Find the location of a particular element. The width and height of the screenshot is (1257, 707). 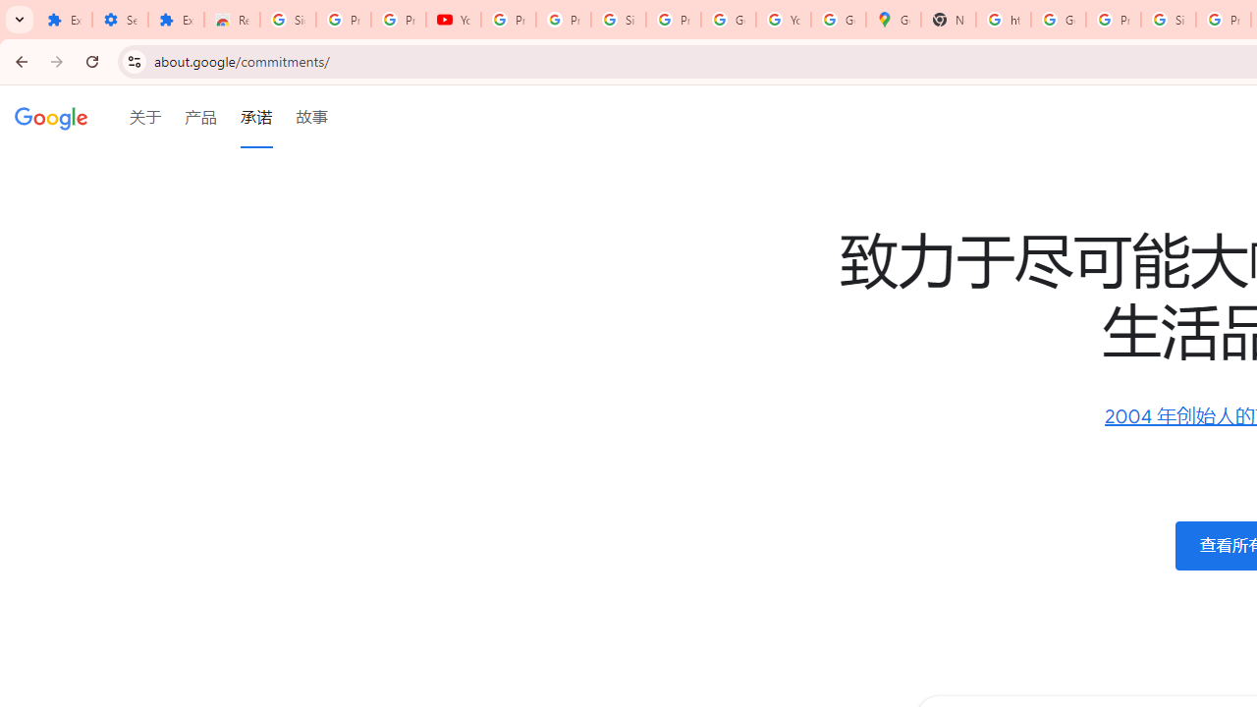

'Google Account' is located at coordinates (728, 20).